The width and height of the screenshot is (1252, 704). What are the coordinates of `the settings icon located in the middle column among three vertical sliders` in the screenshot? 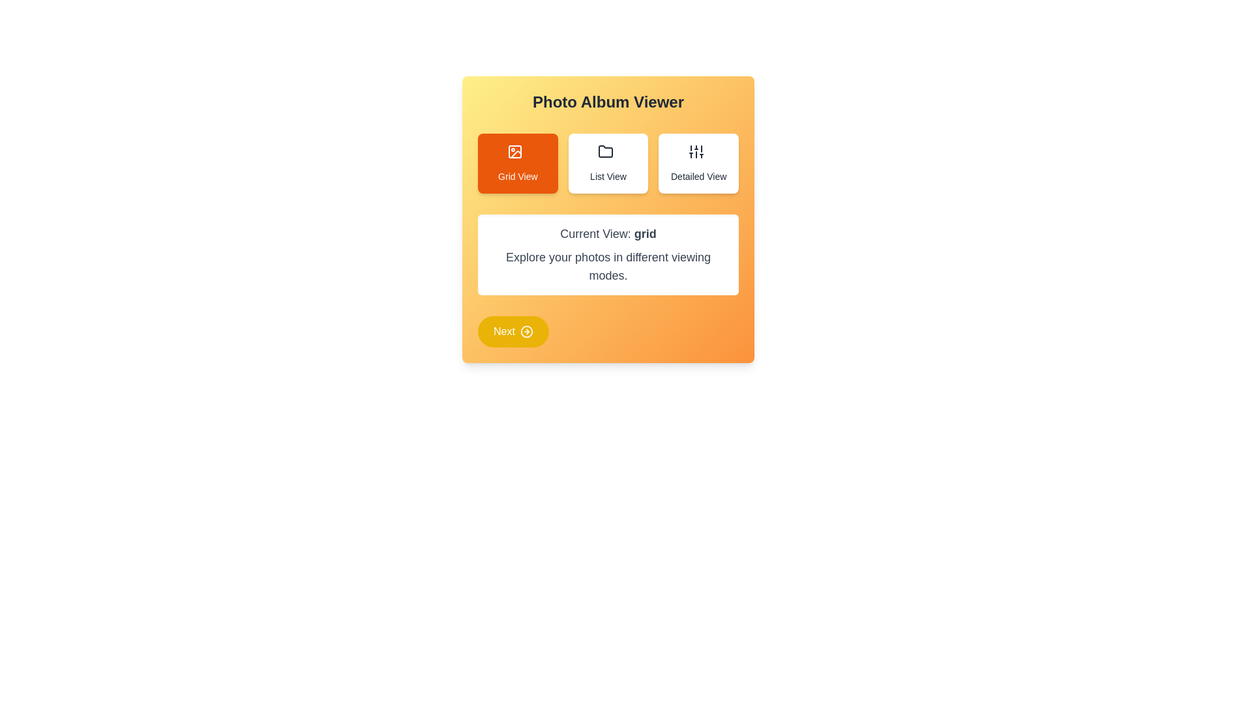 It's located at (695, 151).